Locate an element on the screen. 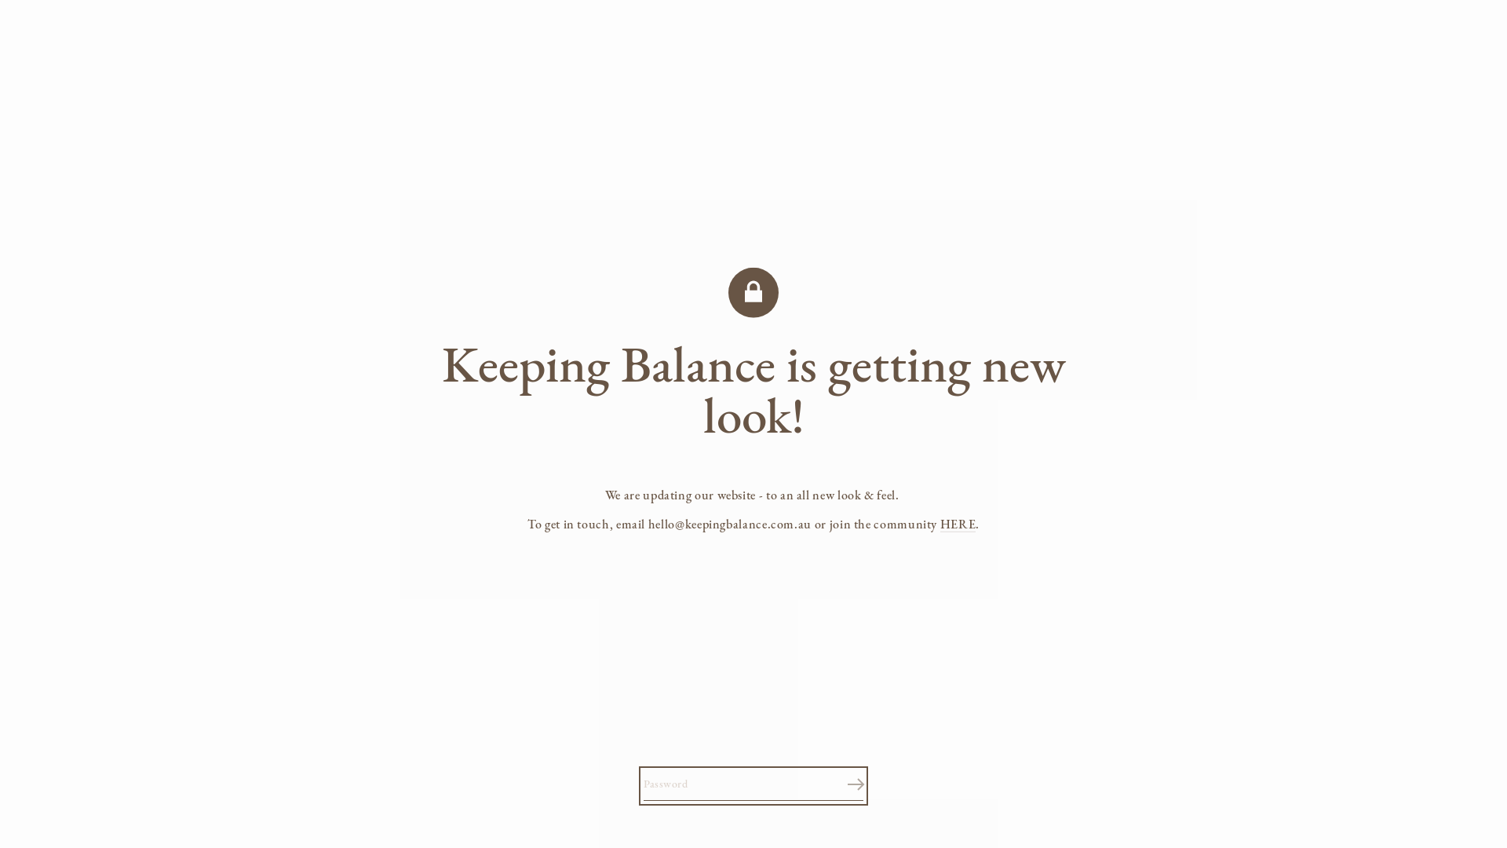 This screenshot has width=1507, height=848. 'HERE' is located at coordinates (957, 525).